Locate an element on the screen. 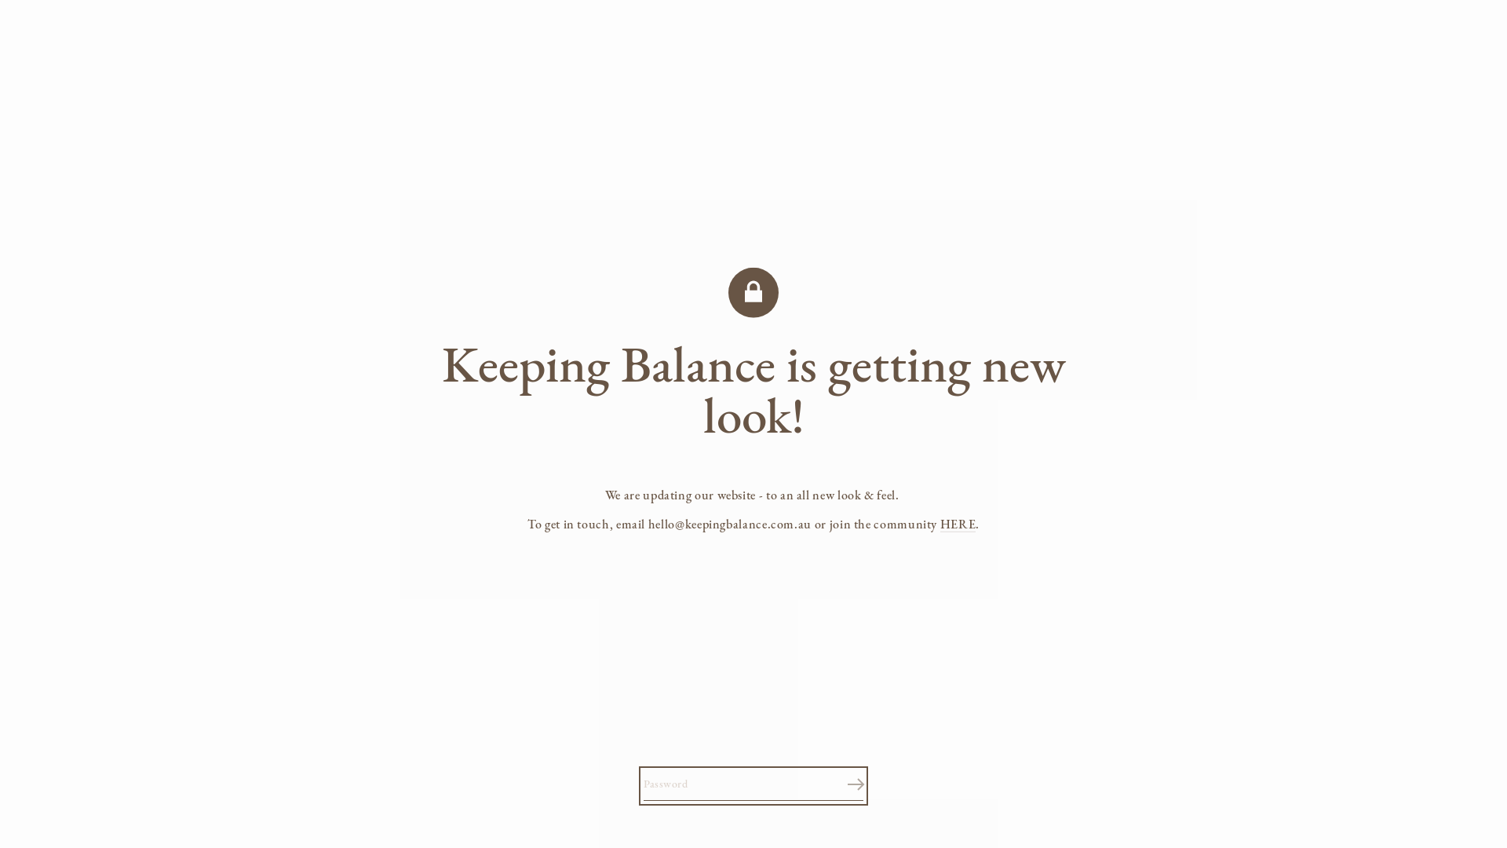 This screenshot has width=1507, height=848. 'HERE' is located at coordinates (957, 525).